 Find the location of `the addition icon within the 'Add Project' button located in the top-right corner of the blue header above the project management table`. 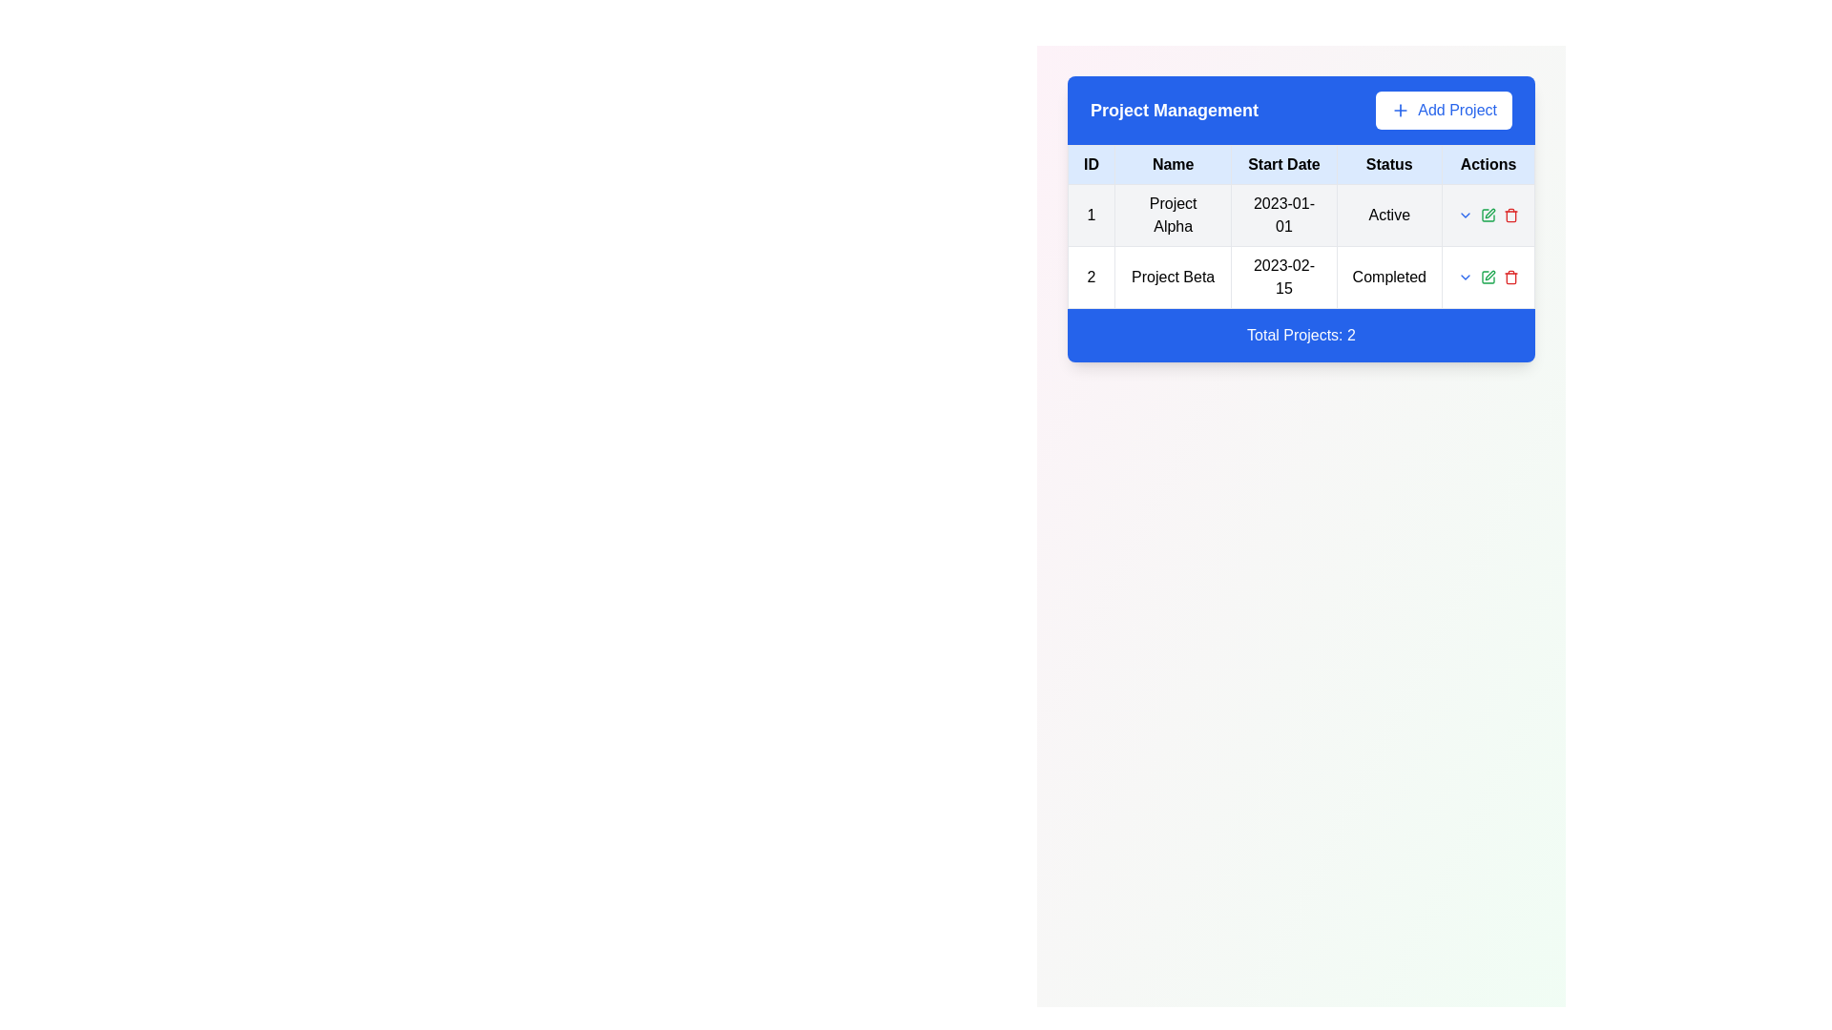

the addition icon within the 'Add Project' button located in the top-right corner of the blue header above the project management table is located at coordinates (1401, 110).